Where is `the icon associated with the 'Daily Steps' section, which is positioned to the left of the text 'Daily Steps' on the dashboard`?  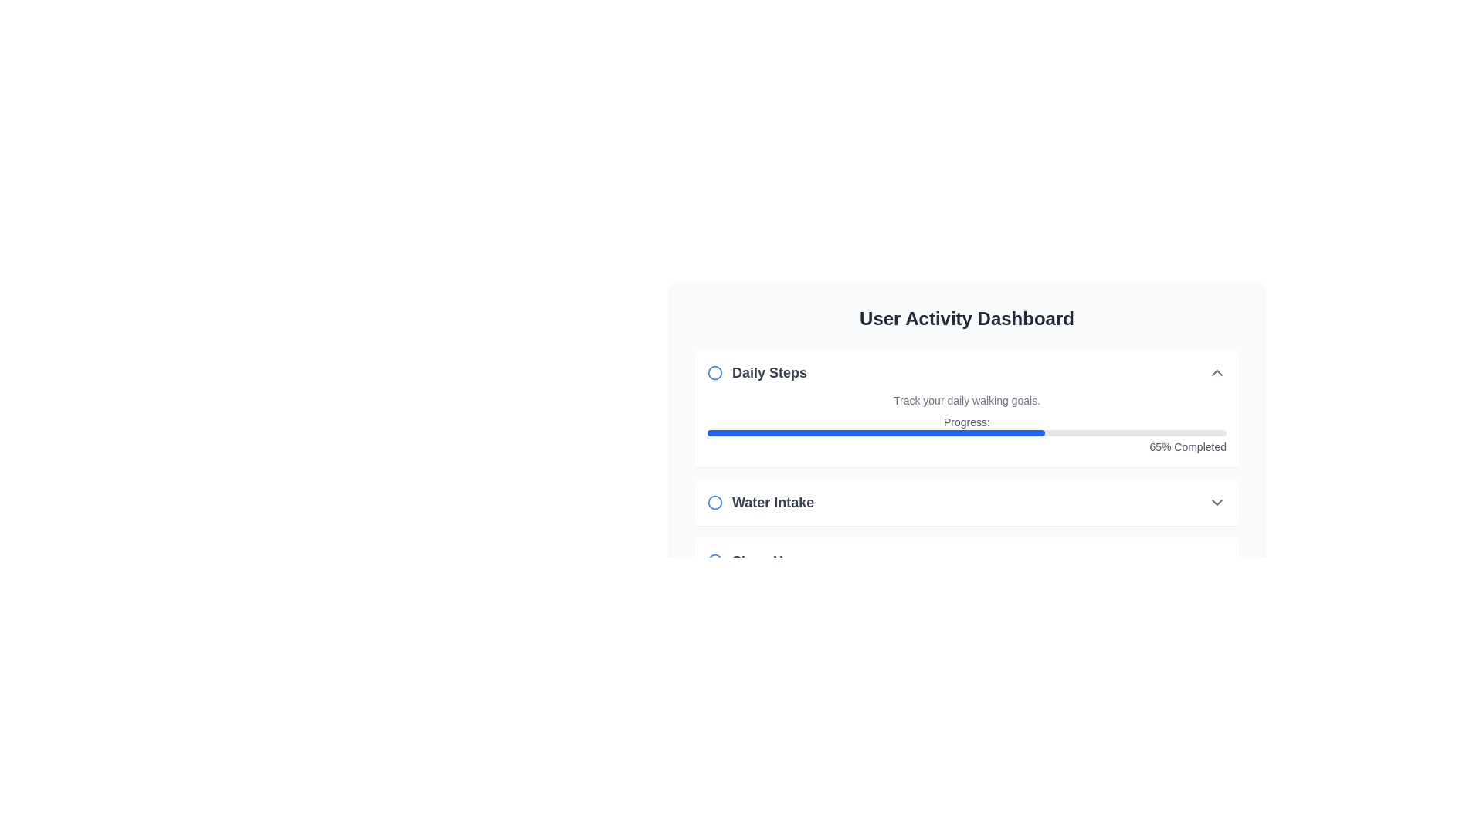 the icon associated with the 'Daily Steps' section, which is positioned to the left of the text 'Daily Steps' on the dashboard is located at coordinates (714, 372).